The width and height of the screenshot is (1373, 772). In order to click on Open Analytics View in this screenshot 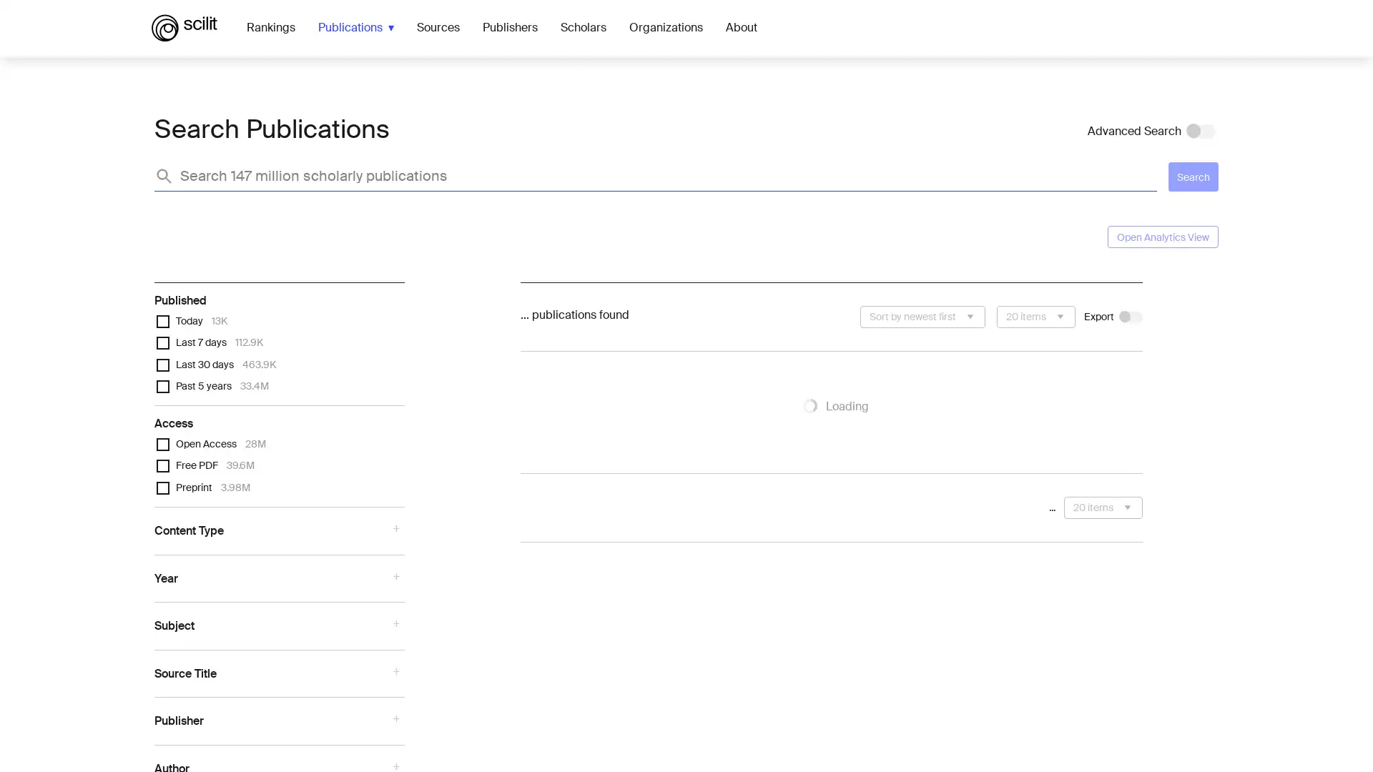, I will do `click(1163, 236)`.